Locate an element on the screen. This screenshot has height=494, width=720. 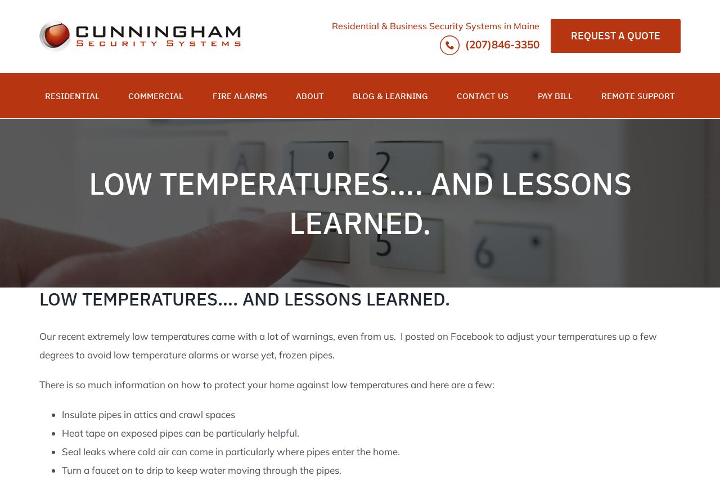
'Product Manuals' is located at coordinates (398, 149).